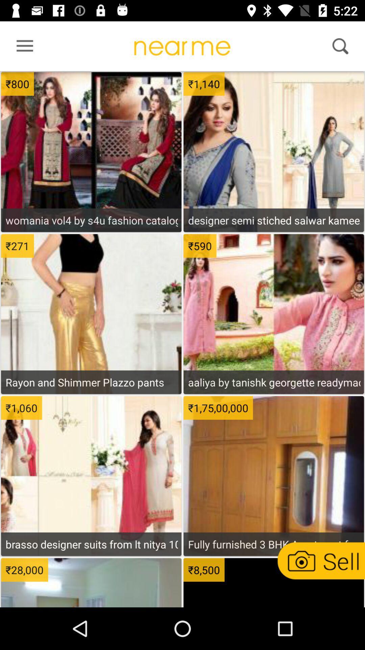 The image size is (365, 650). I want to click on the brasso designer suits, so click(91, 544).